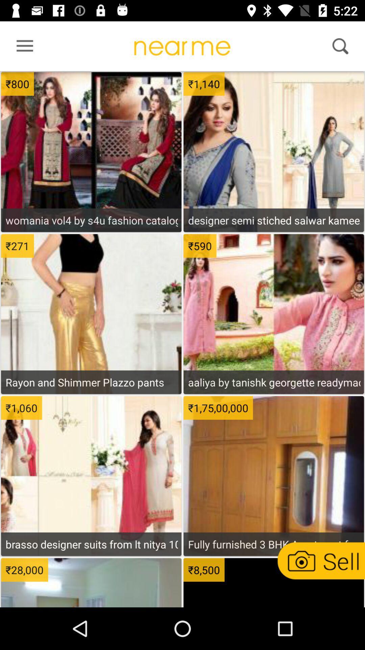 The image size is (365, 650). I want to click on the brasso designer suits, so click(91, 544).